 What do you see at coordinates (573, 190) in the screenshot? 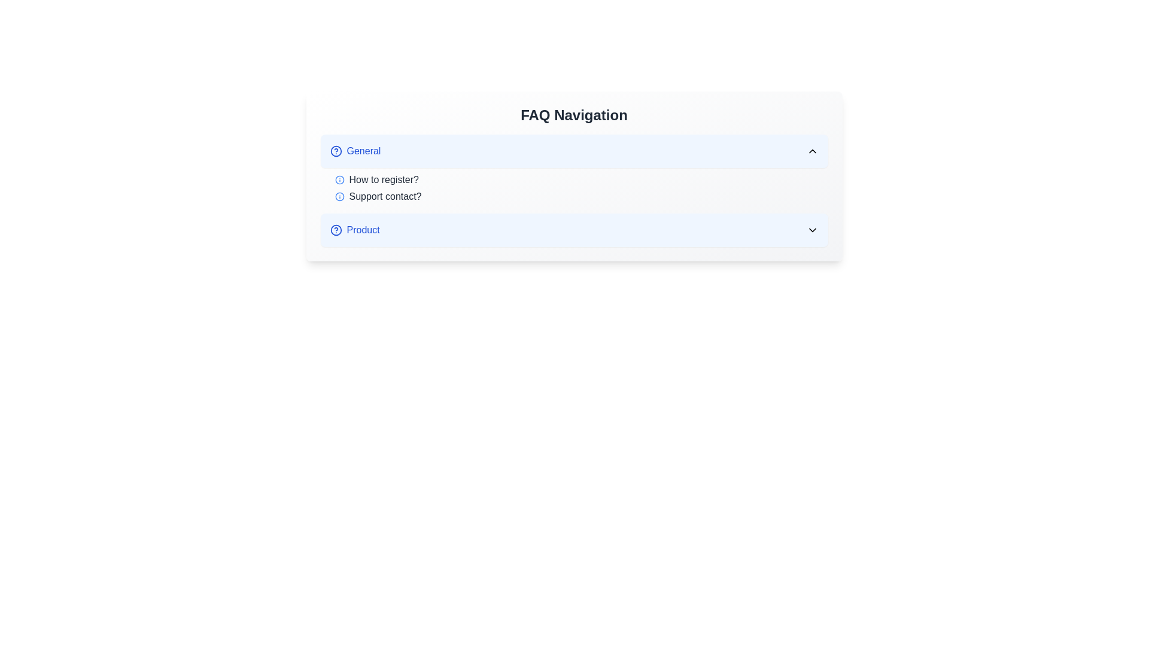
I see `a question in the Expandable/collapsible FAQ list section` at bounding box center [573, 190].